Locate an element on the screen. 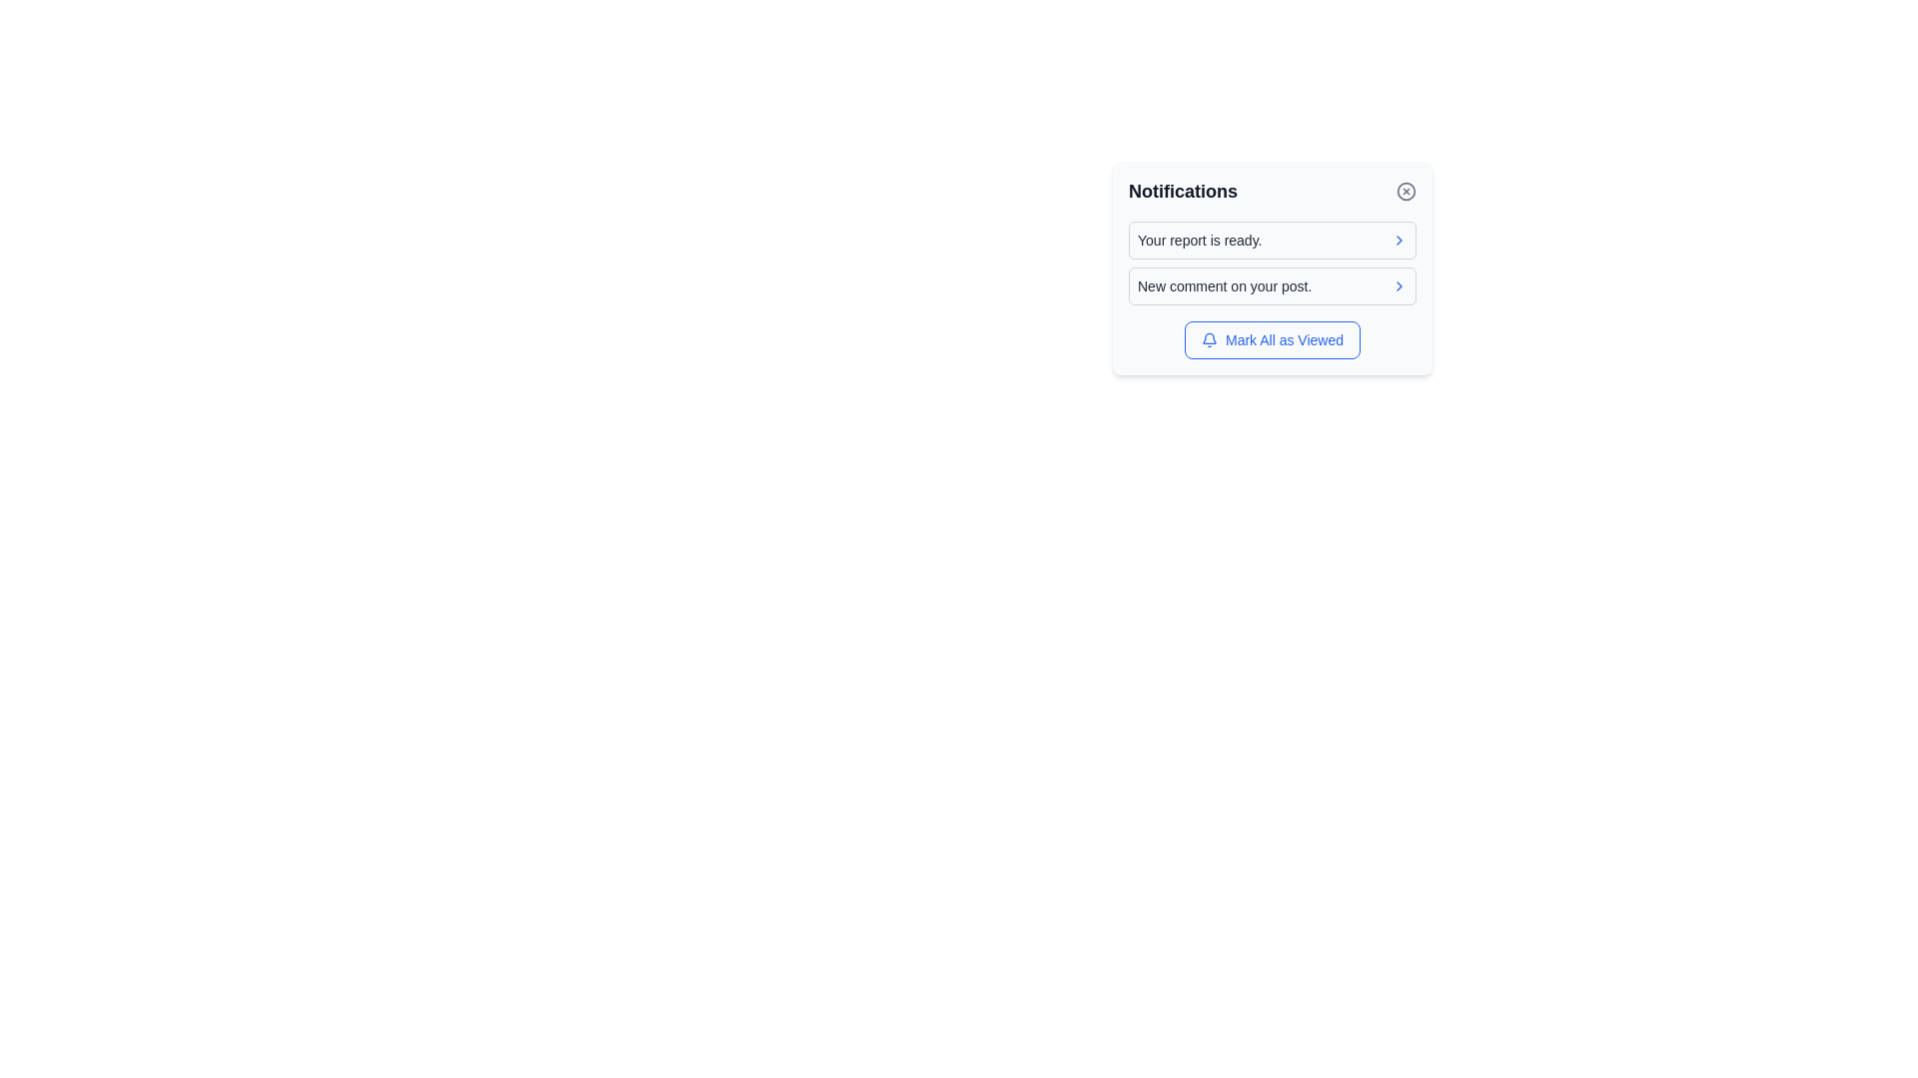 This screenshot has height=1078, width=1918. the static text element displaying 'Your report is ready.' in a small gray font within the notification box is located at coordinates (1199, 239).